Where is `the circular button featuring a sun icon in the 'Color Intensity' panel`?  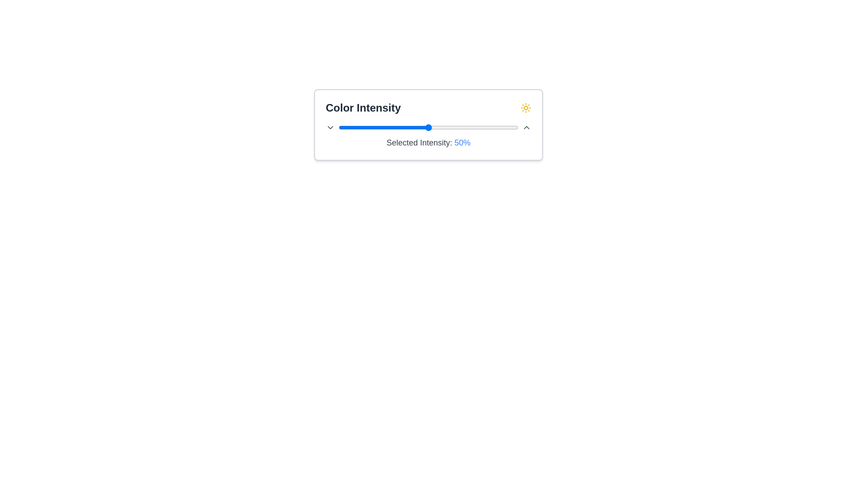
the circular button featuring a sun icon in the 'Color Intensity' panel is located at coordinates (526, 108).